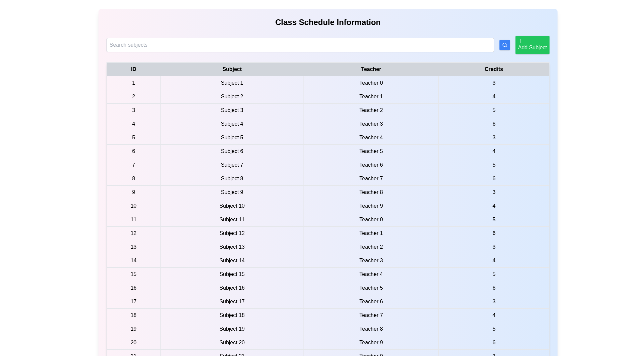  I want to click on the table header Credits to sort by that column, so click(494, 69).